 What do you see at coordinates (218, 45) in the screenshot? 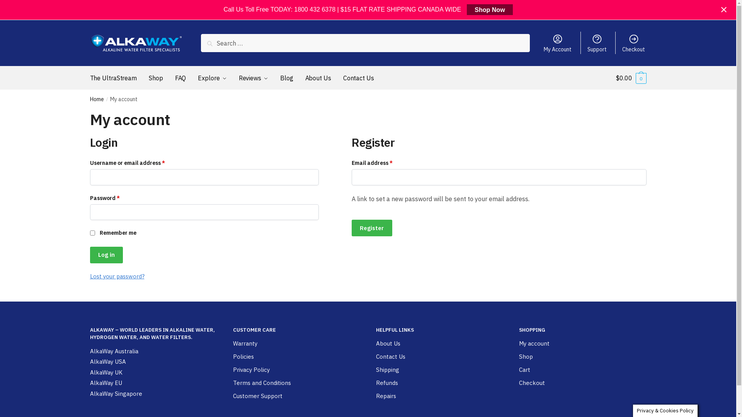
I see `'Search'` at bounding box center [218, 45].